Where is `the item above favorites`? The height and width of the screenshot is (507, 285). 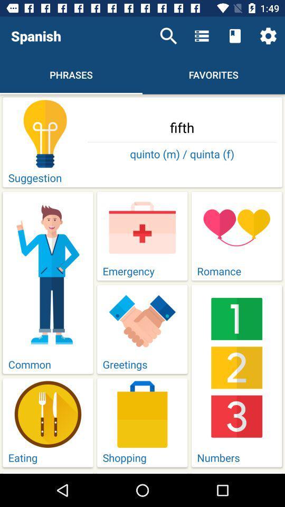
the item above favorites is located at coordinates (235, 36).